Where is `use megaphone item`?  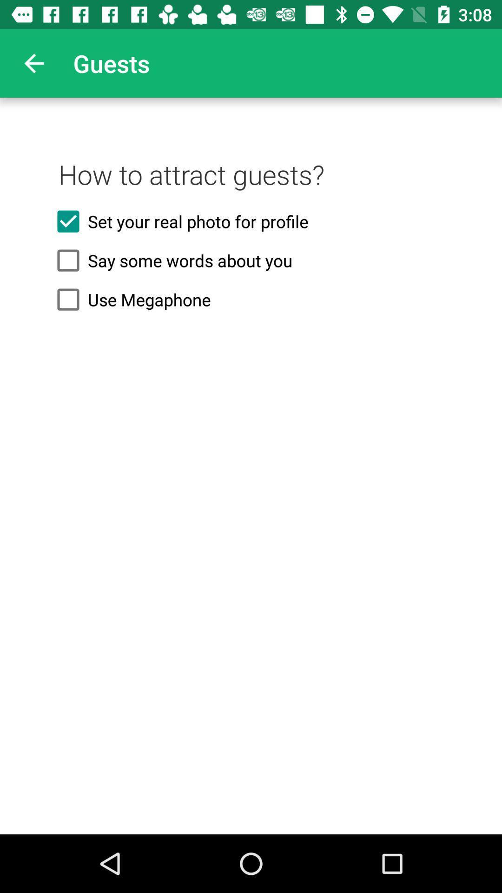 use megaphone item is located at coordinates (251, 300).